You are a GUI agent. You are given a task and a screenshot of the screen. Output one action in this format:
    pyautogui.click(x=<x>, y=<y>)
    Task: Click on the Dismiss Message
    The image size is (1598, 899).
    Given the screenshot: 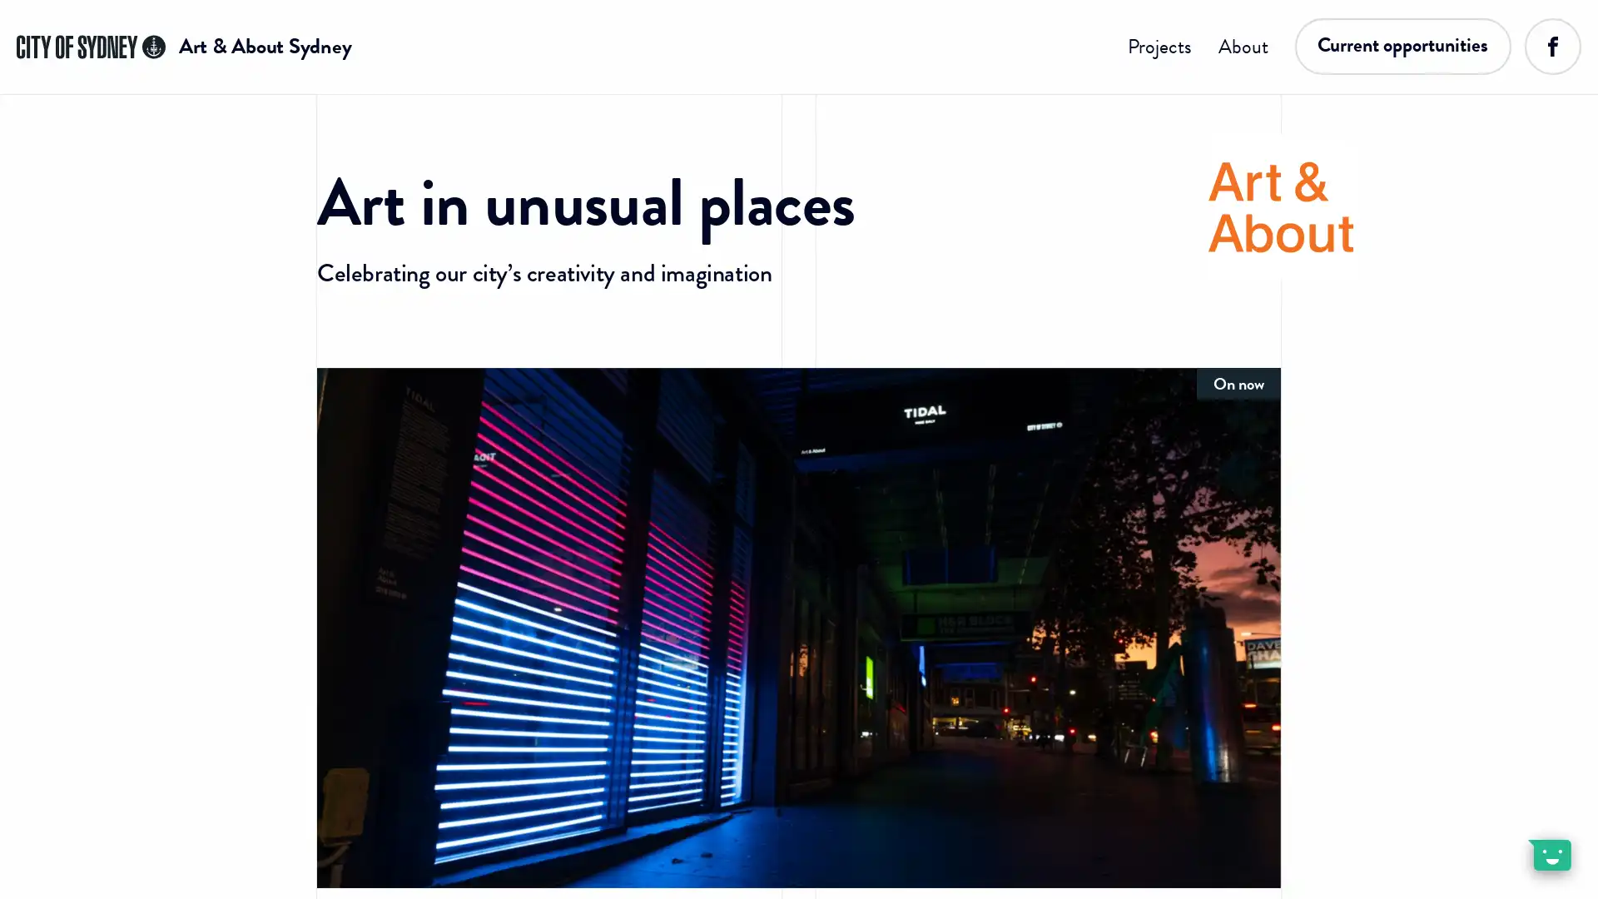 What is the action you would take?
    pyautogui.click(x=1511, y=835)
    